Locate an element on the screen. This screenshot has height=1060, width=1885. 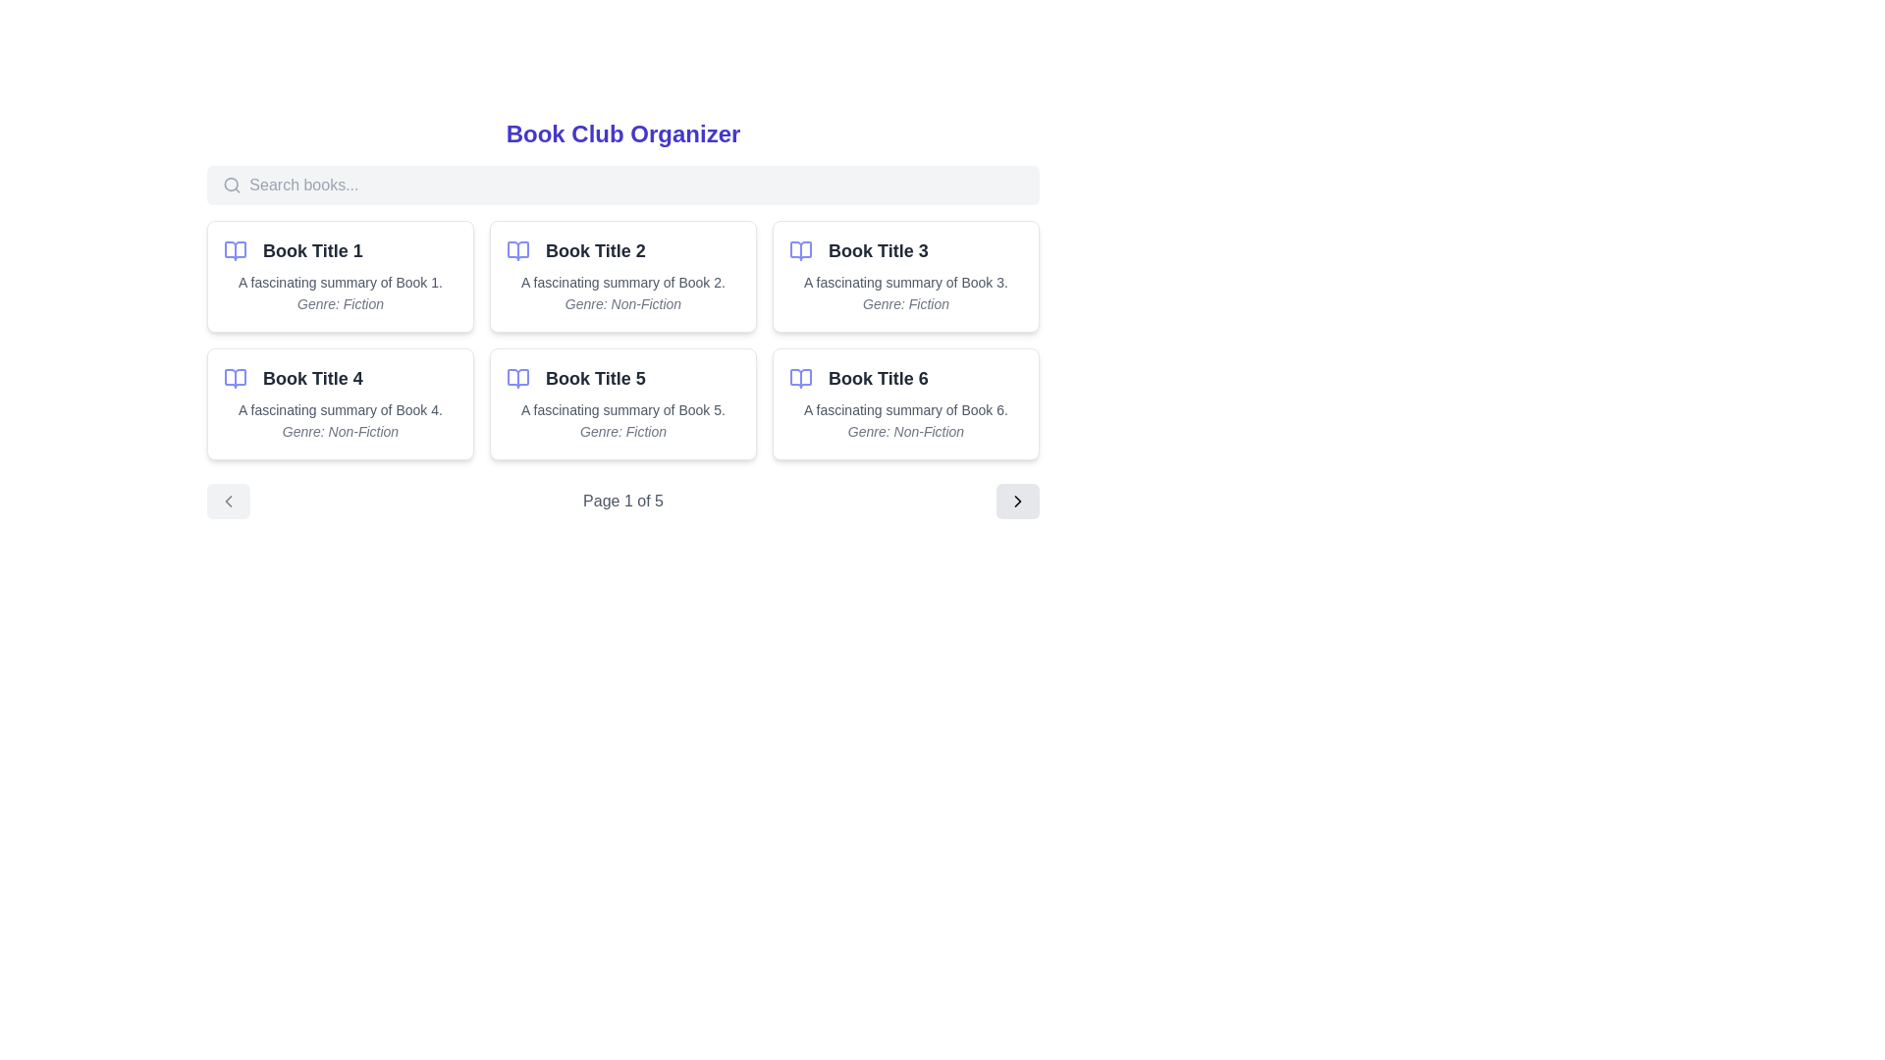
the rightward arrow icon located at the far right side of the pagination control is located at coordinates (1017, 500).